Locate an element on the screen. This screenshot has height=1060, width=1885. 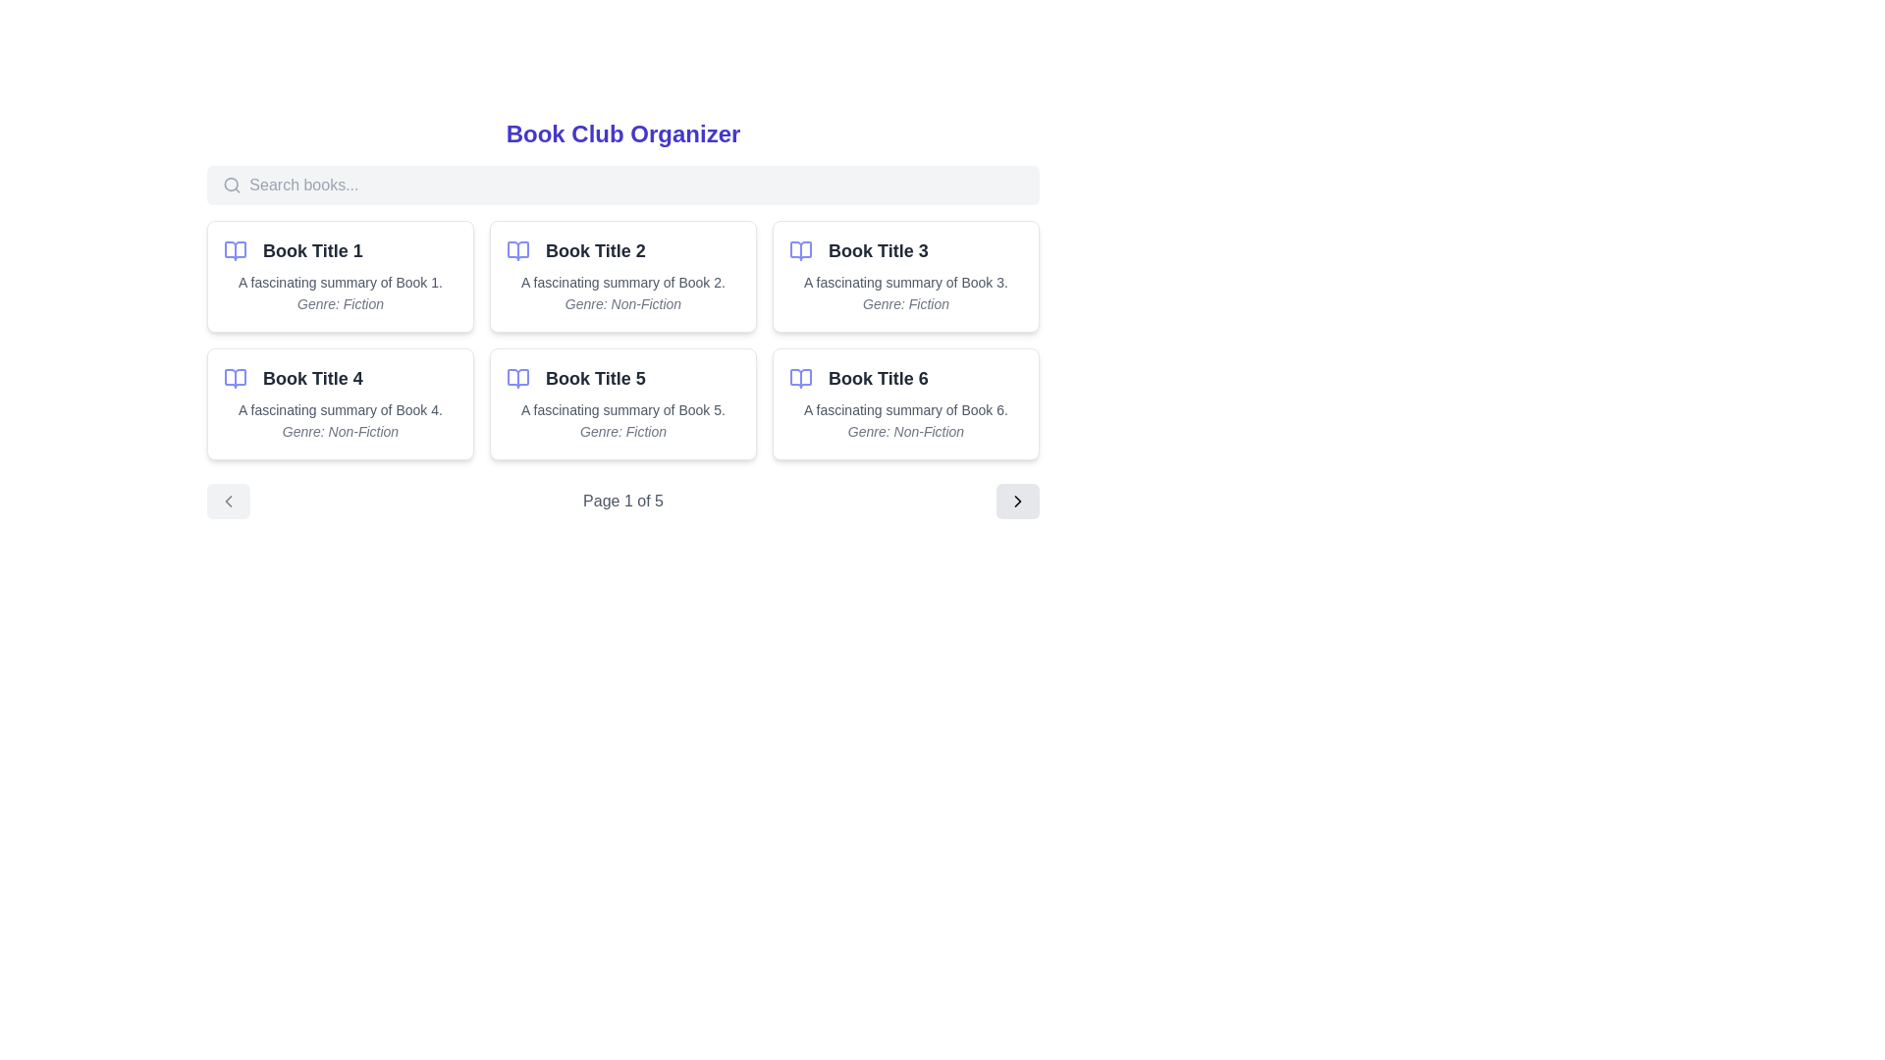
the rightward arrow icon located at the far right side of the pagination control is located at coordinates (1017, 500).